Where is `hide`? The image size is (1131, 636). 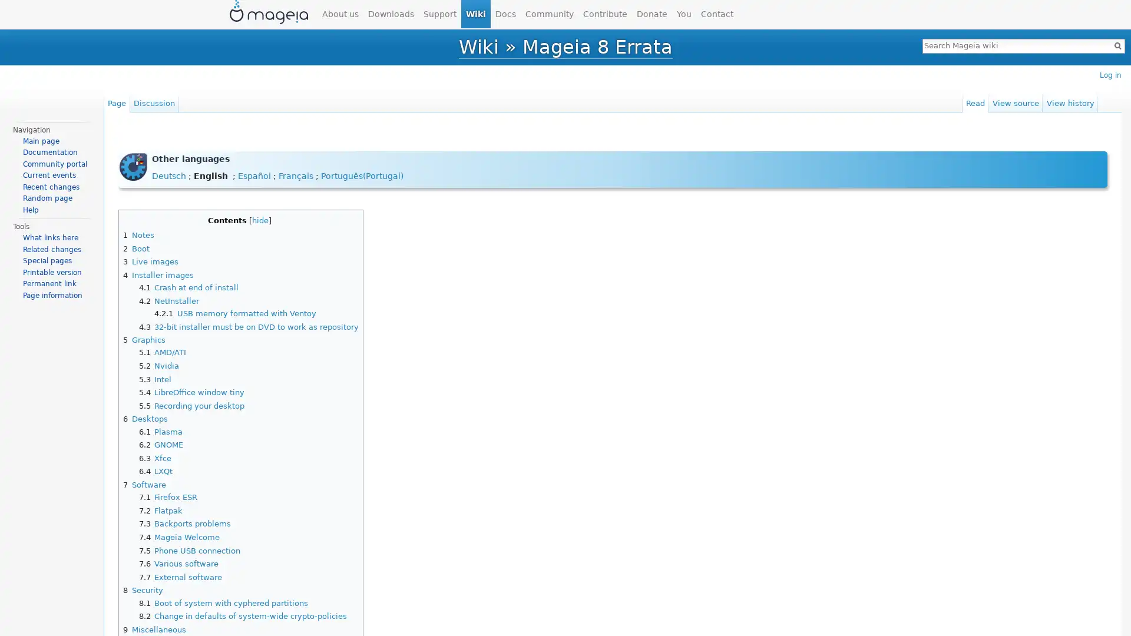
hide is located at coordinates (259, 220).